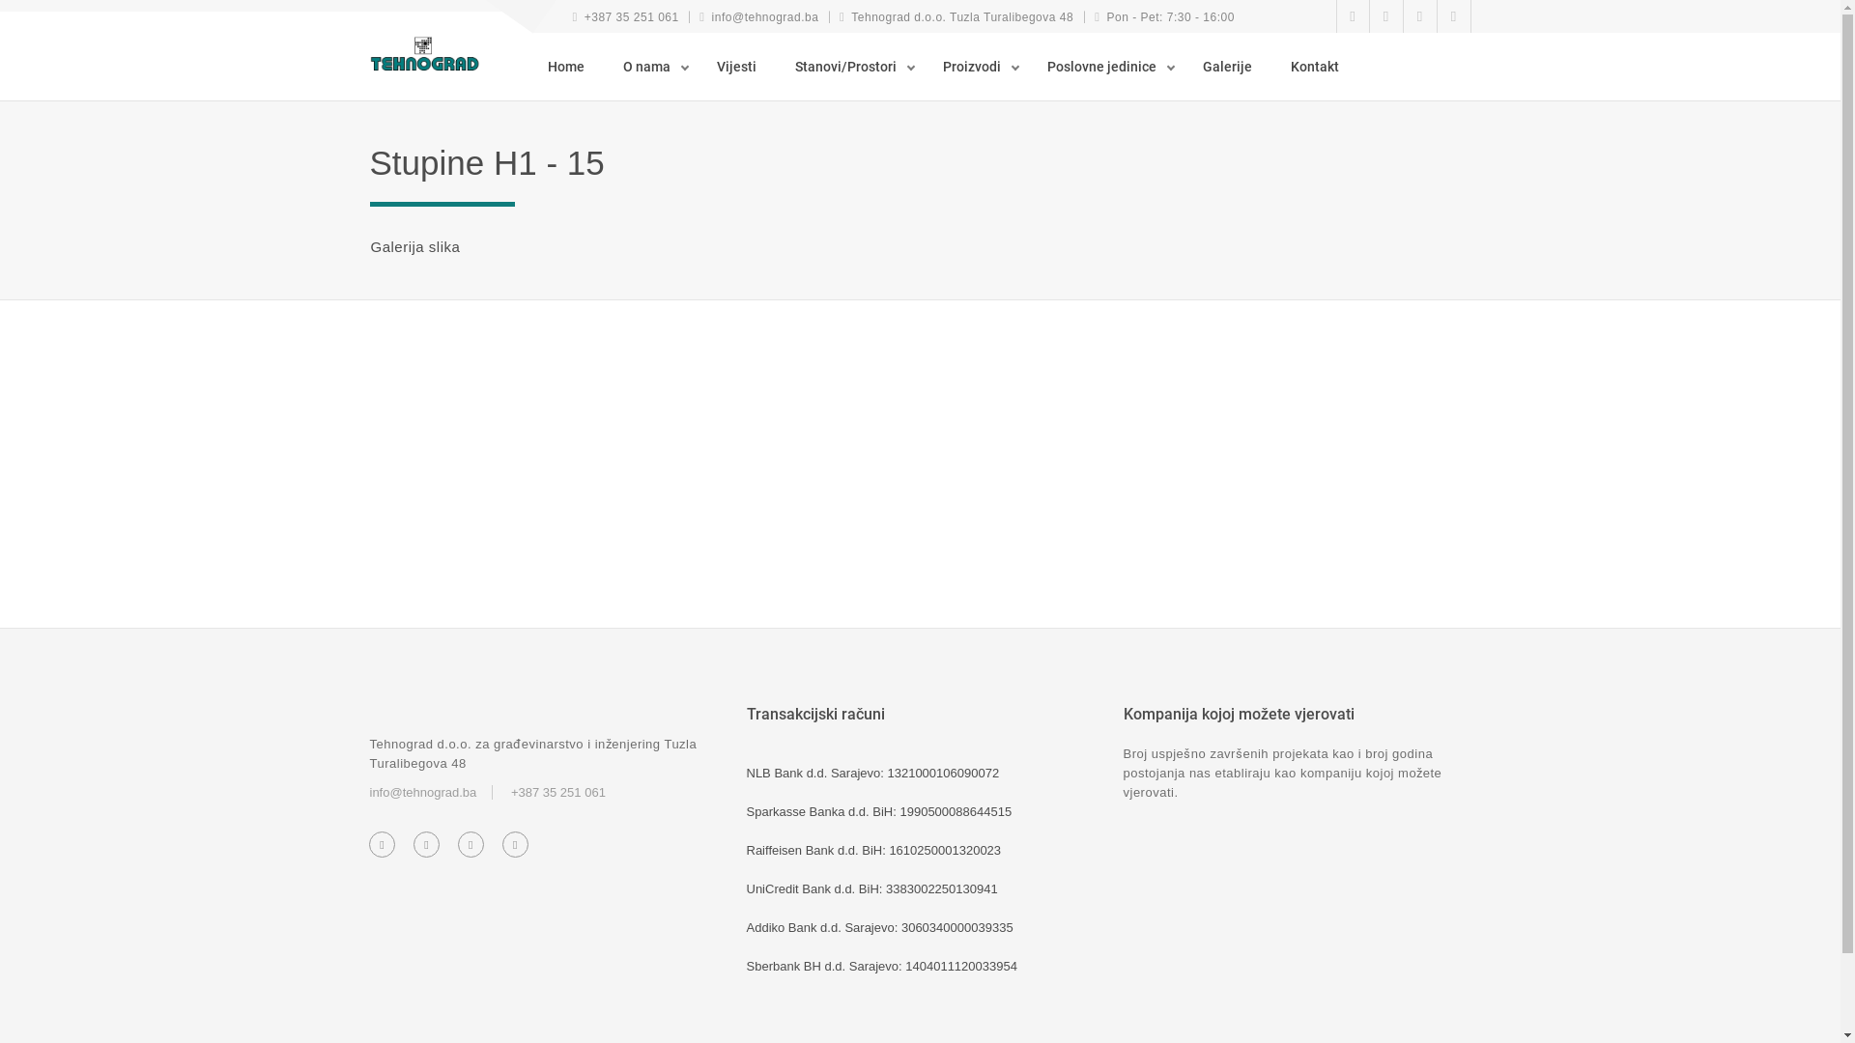 The image size is (1855, 1043). What do you see at coordinates (1231, 66) in the screenshot?
I see `'Galerije'` at bounding box center [1231, 66].